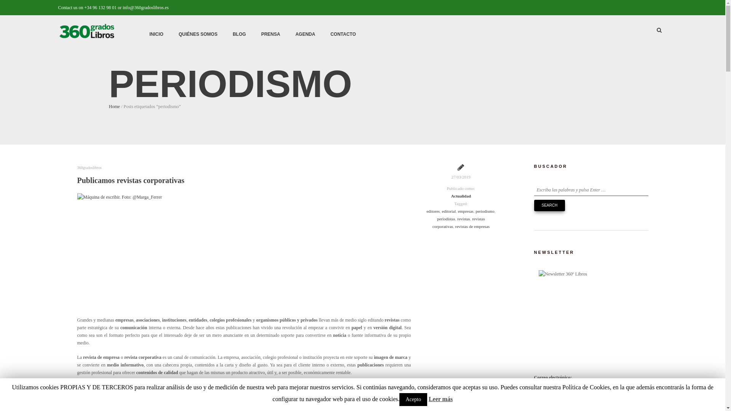  What do you see at coordinates (89, 167) in the screenshot?
I see `'360gradoslibros'` at bounding box center [89, 167].